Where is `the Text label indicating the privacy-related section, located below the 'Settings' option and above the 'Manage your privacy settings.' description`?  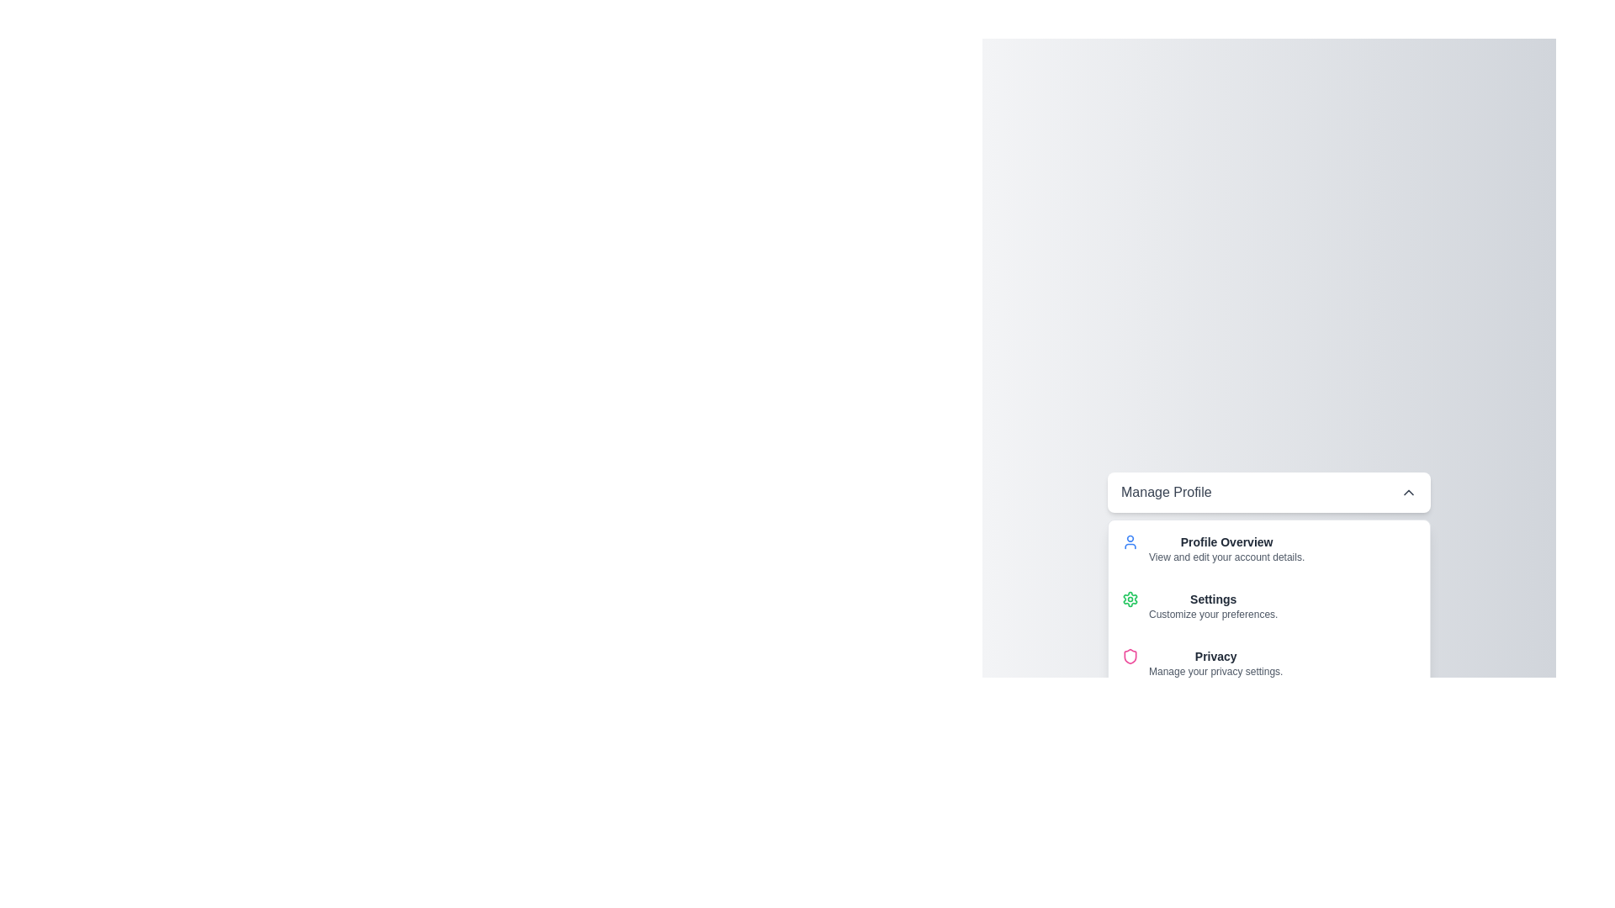 the Text label indicating the privacy-related section, located below the 'Settings' option and above the 'Manage your privacy settings.' description is located at coordinates (1215, 655).